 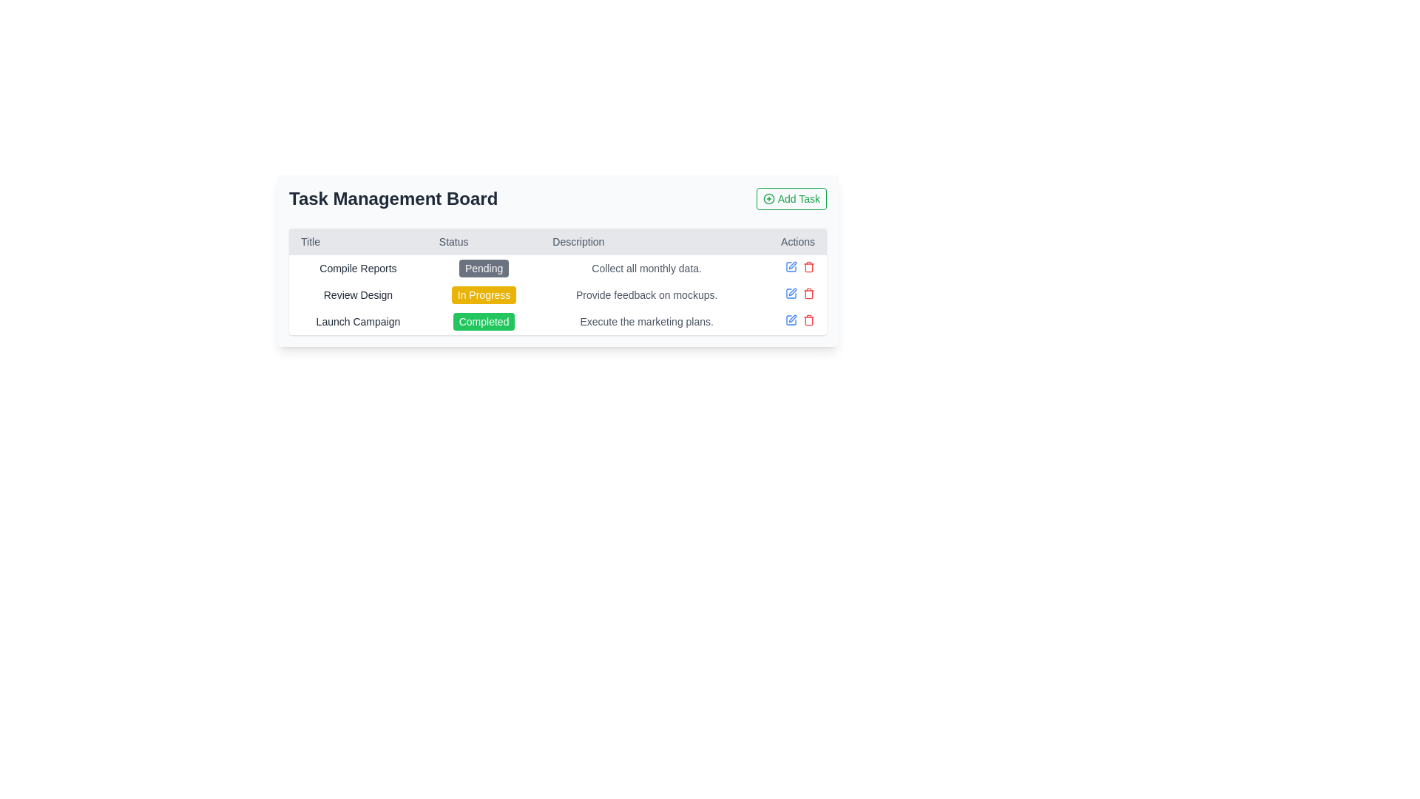 I want to click on the 'Status' label in the third row of the 'Task Management Board' table that indicates the completion status of the 'Launch Campaign' task, so click(x=484, y=321).